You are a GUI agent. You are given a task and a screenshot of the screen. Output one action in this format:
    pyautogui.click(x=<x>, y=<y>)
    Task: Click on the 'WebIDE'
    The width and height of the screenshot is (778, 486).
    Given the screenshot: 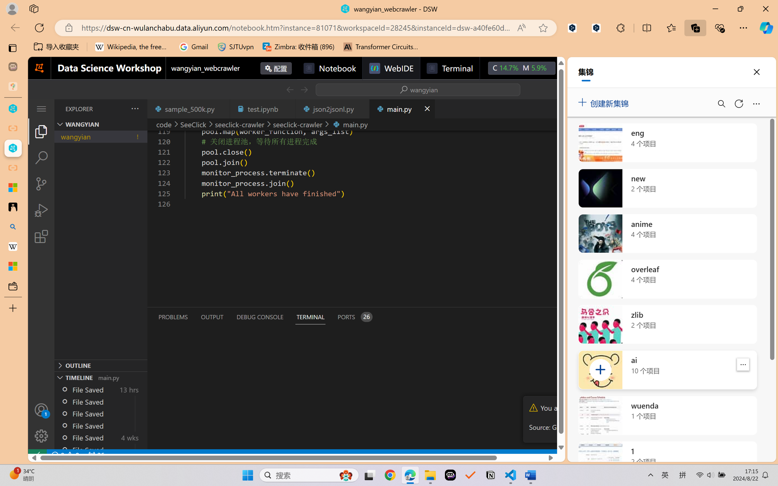 What is the action you would take?
    pyautogui.click(x=391, y=68)
    